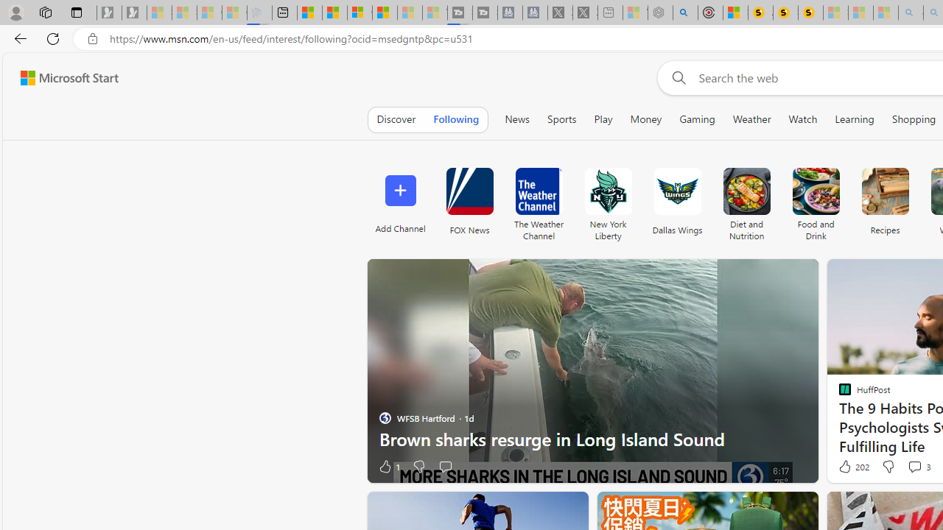  I want to click on 'Web search', so click(675, 77).